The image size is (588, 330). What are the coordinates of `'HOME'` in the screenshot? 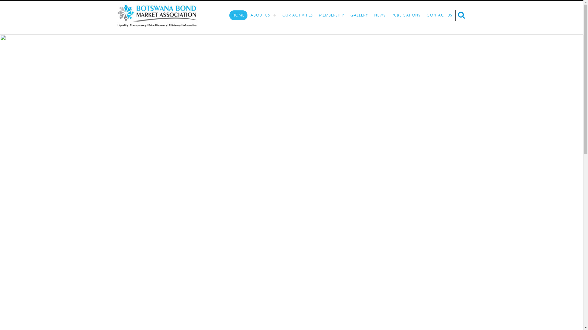 It's located at (238, 15).